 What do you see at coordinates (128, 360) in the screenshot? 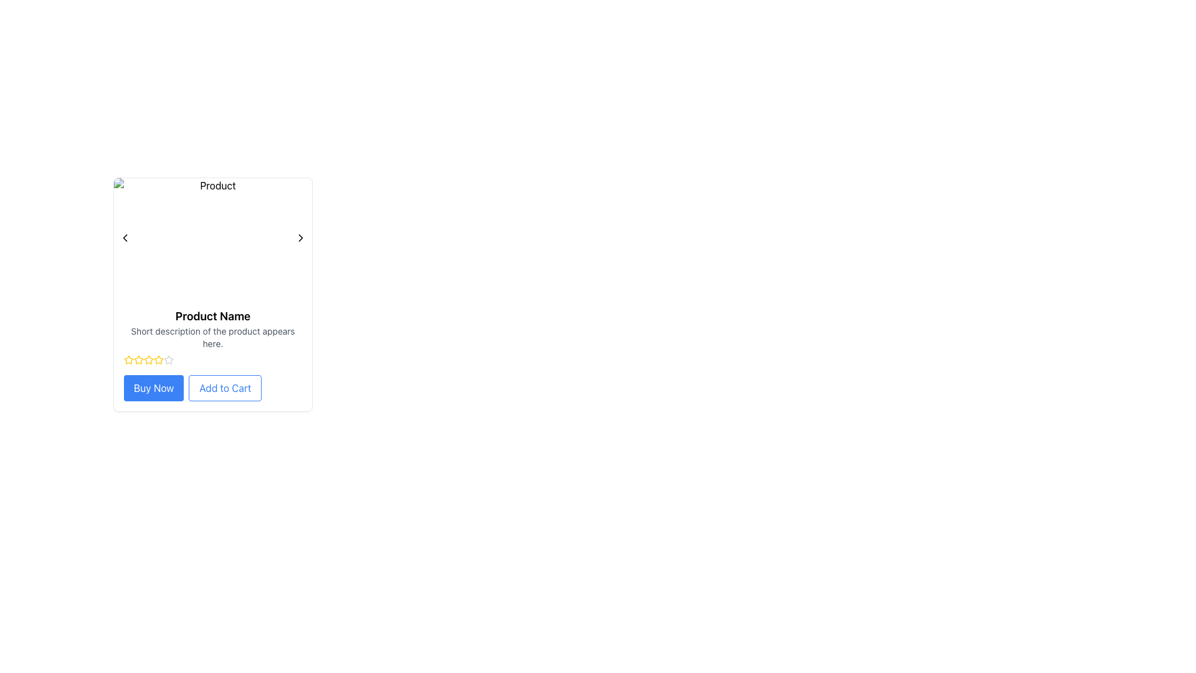
I see `the second star icon` at bounding box center [128, 360].